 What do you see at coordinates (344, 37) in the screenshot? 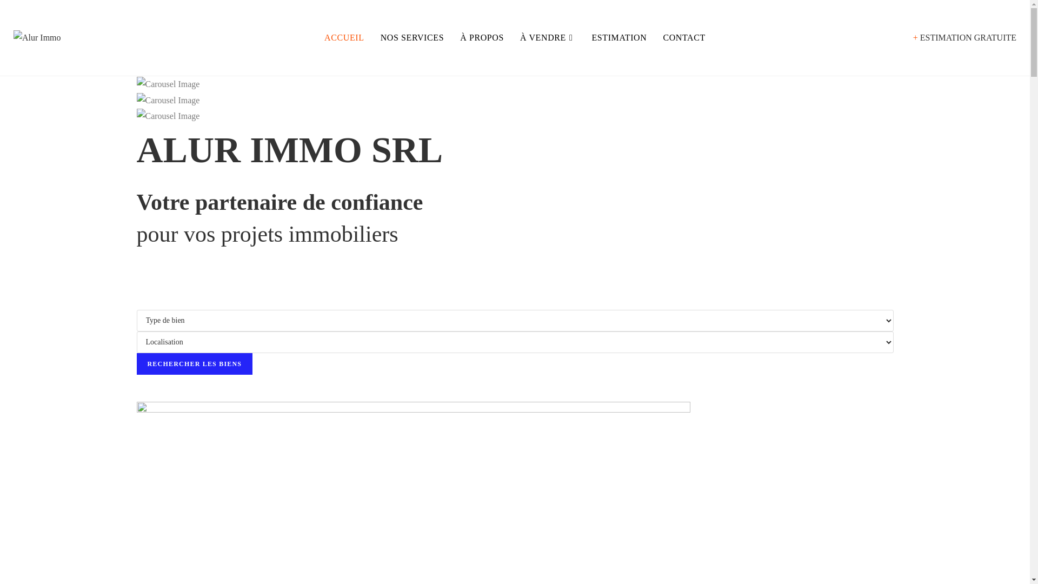
I see `'ACCUEIL'` at bounding box center [344, 37].